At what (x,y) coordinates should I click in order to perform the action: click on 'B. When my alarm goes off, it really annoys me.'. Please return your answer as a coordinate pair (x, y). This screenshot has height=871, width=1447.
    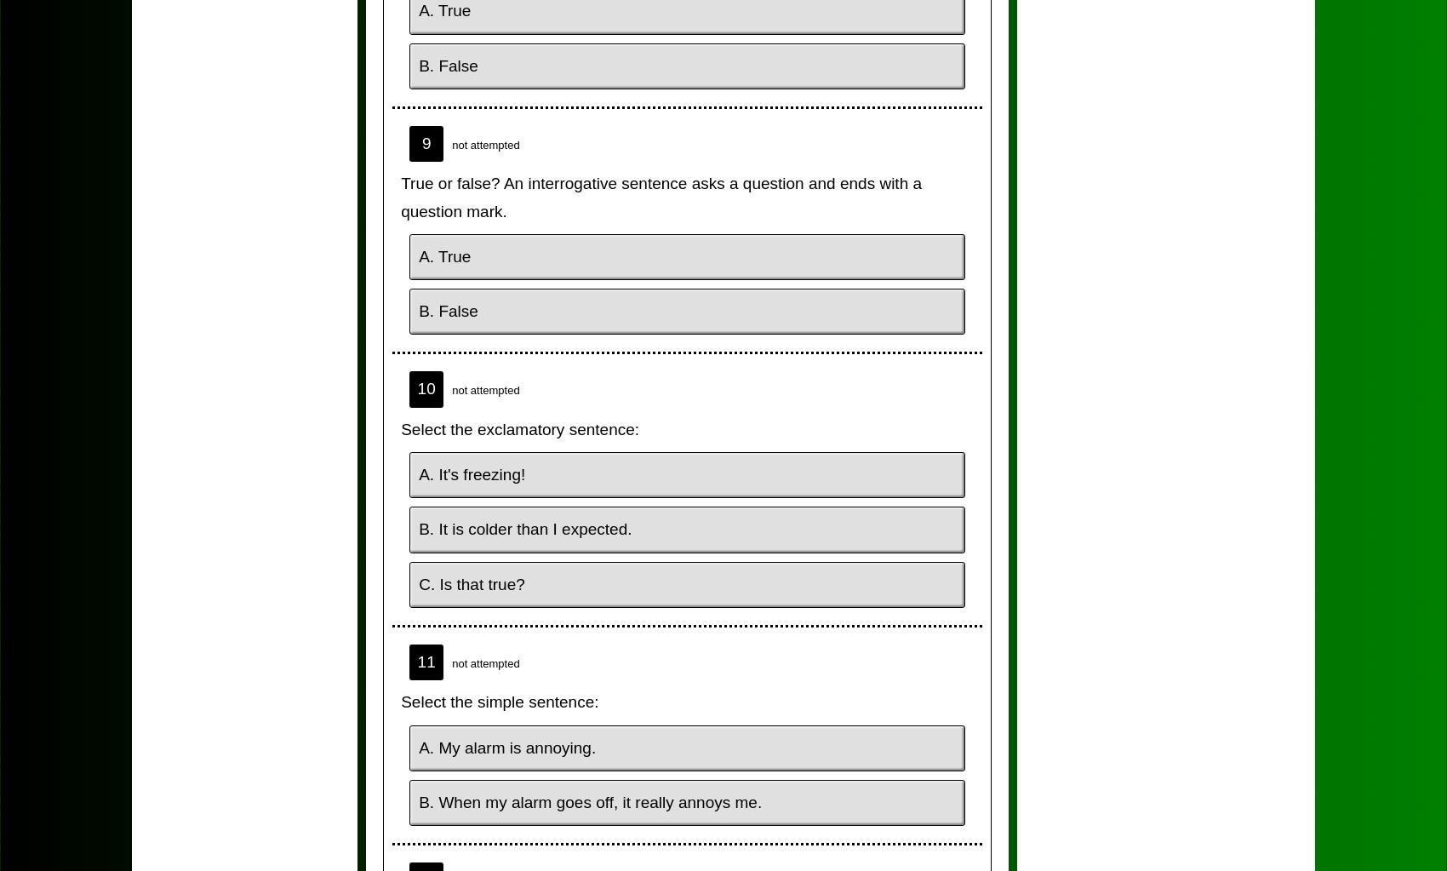
    Looking at the image, I should click on (590, 800).